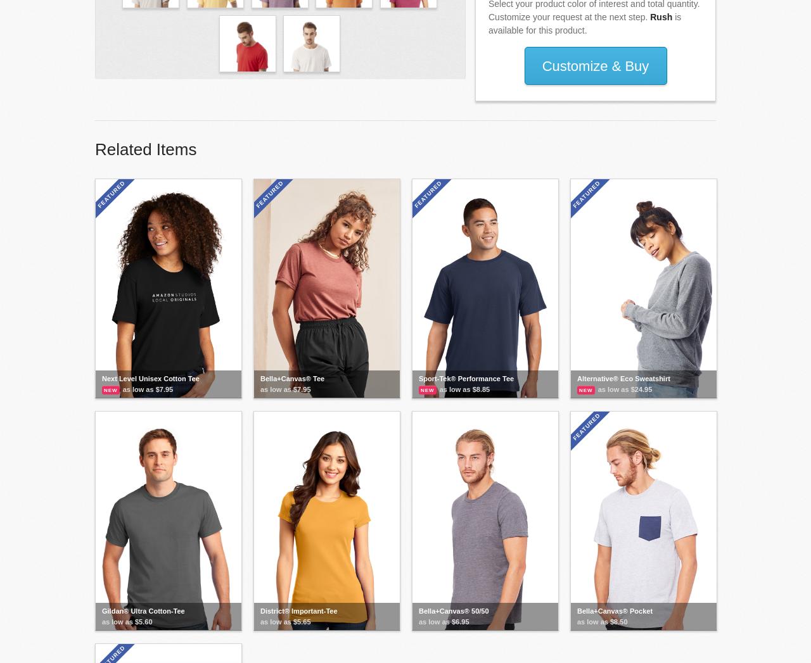 The image size is (811, 663). What do you see at coordinates (291, 378) in the screenshot?
I see `'Bella+Canvas® Tee'` at bounding box center [291, 378].